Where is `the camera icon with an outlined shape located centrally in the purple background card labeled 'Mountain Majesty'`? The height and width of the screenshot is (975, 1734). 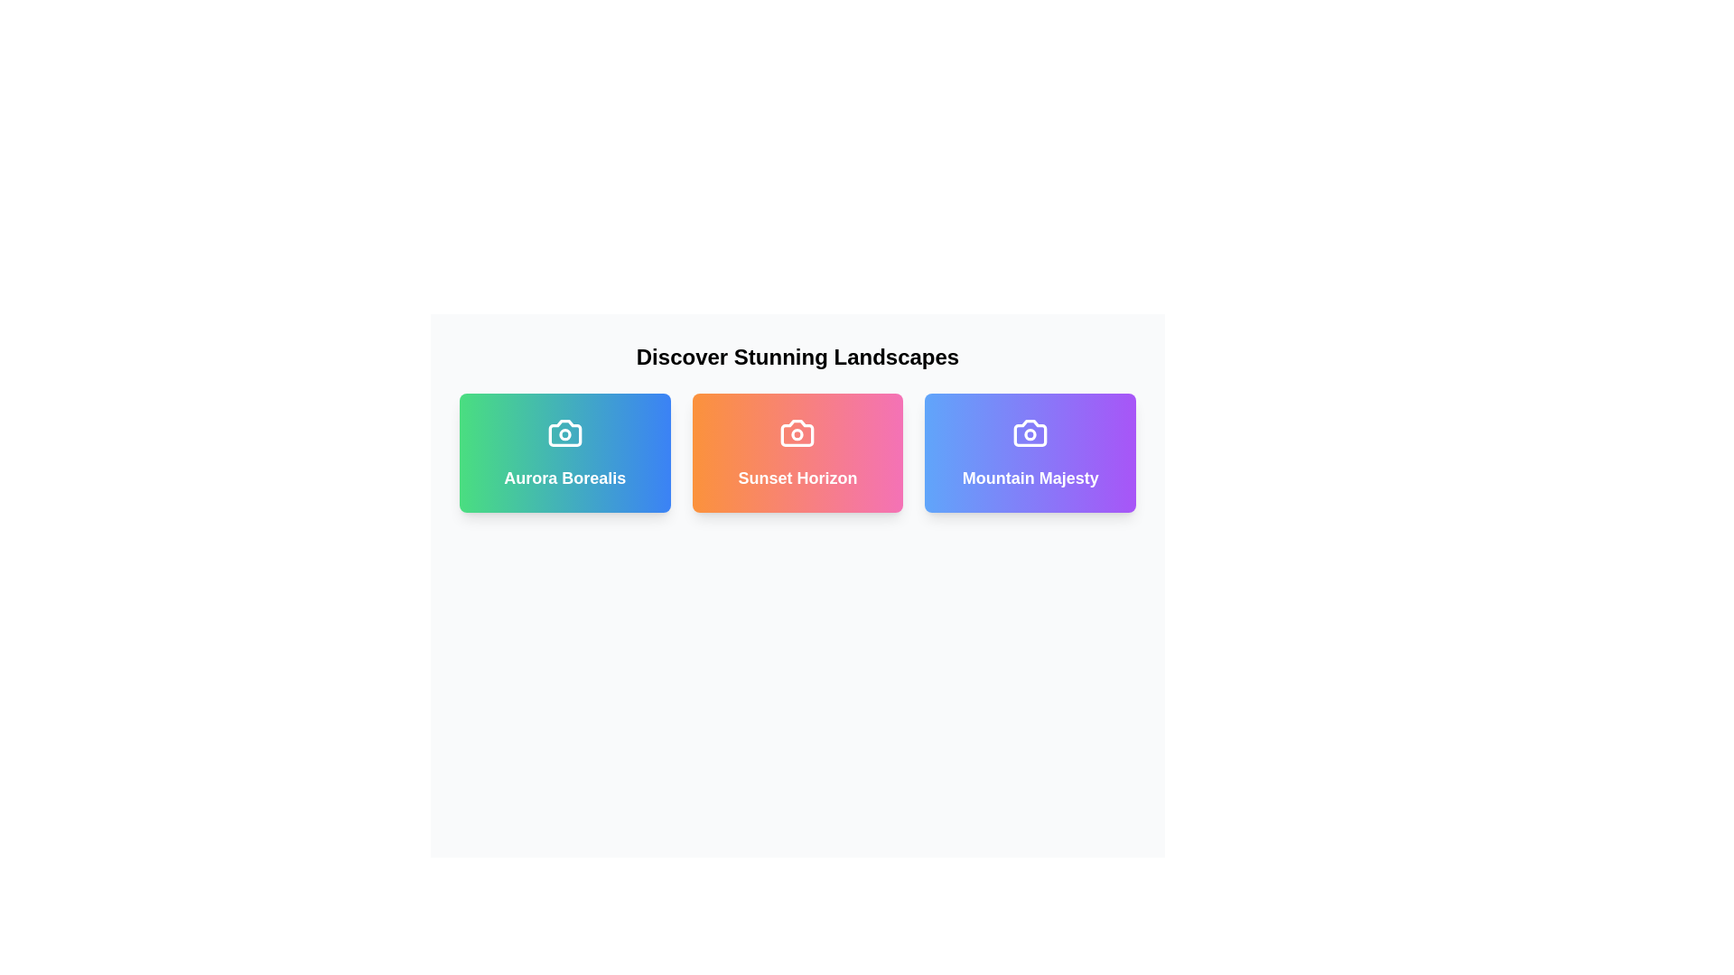
the camera icon with an outlined shape located centrally in the purple background card labeled 'Mountain Majesty' is located at coordinates (1030, 432).